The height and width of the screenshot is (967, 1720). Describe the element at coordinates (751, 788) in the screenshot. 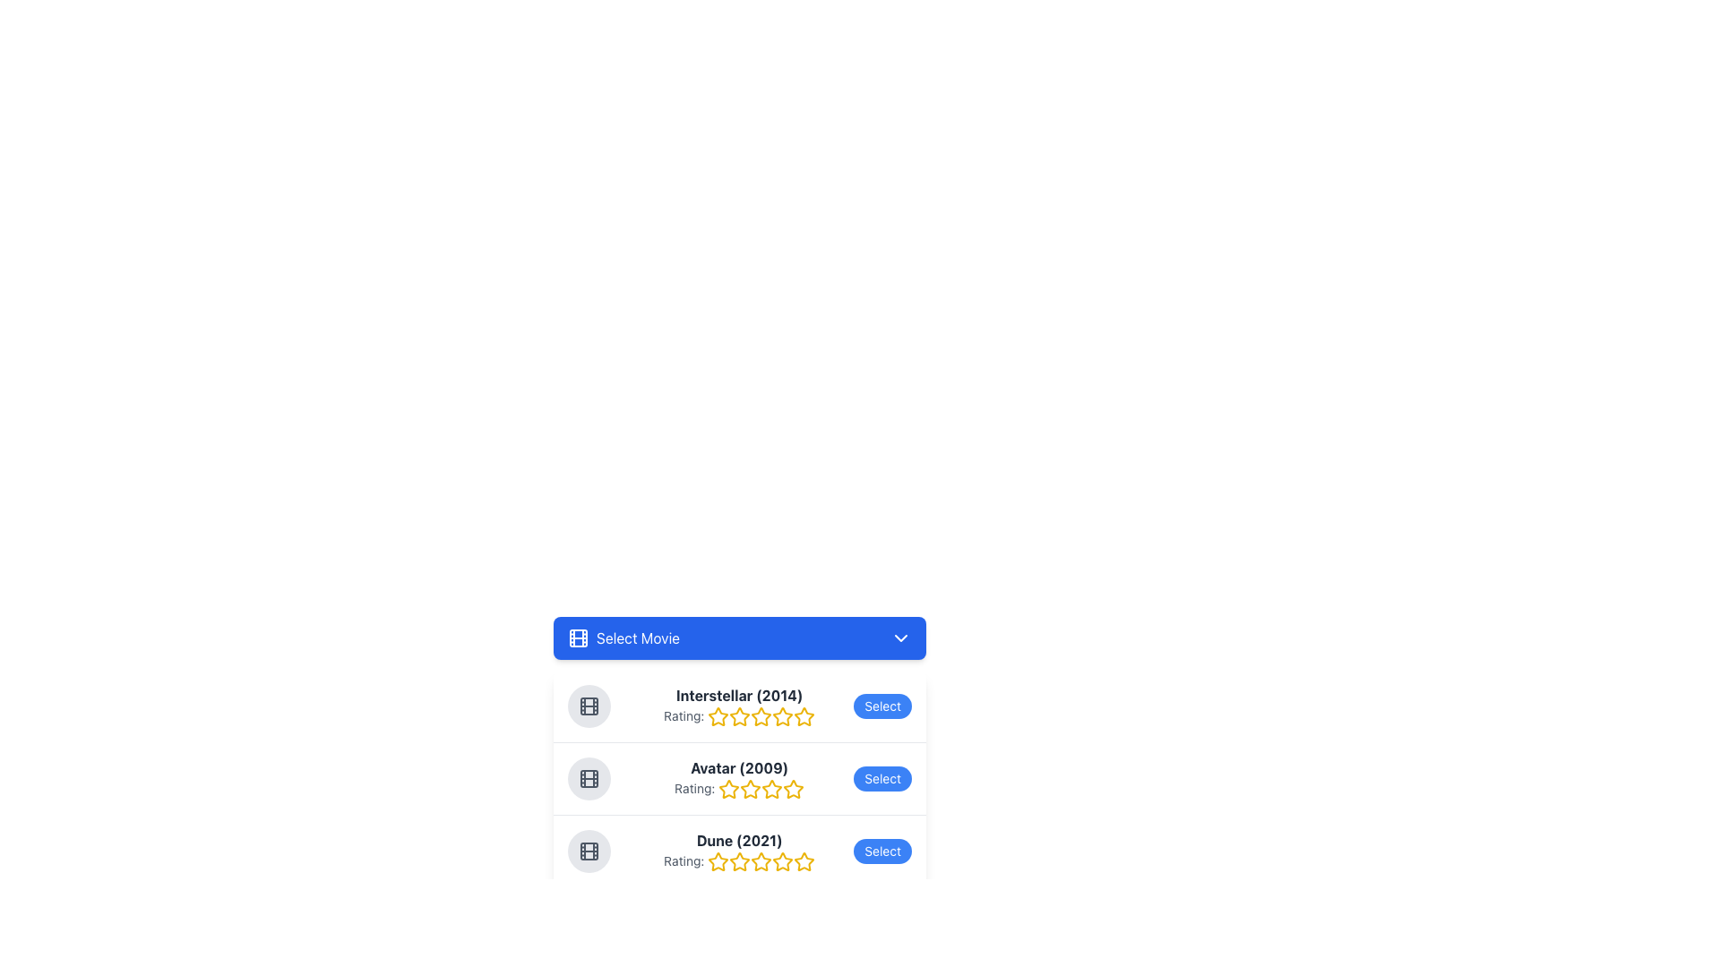

I see `the second star rating icon for the movie 'Avatar (2009)' to rate it` at that location.